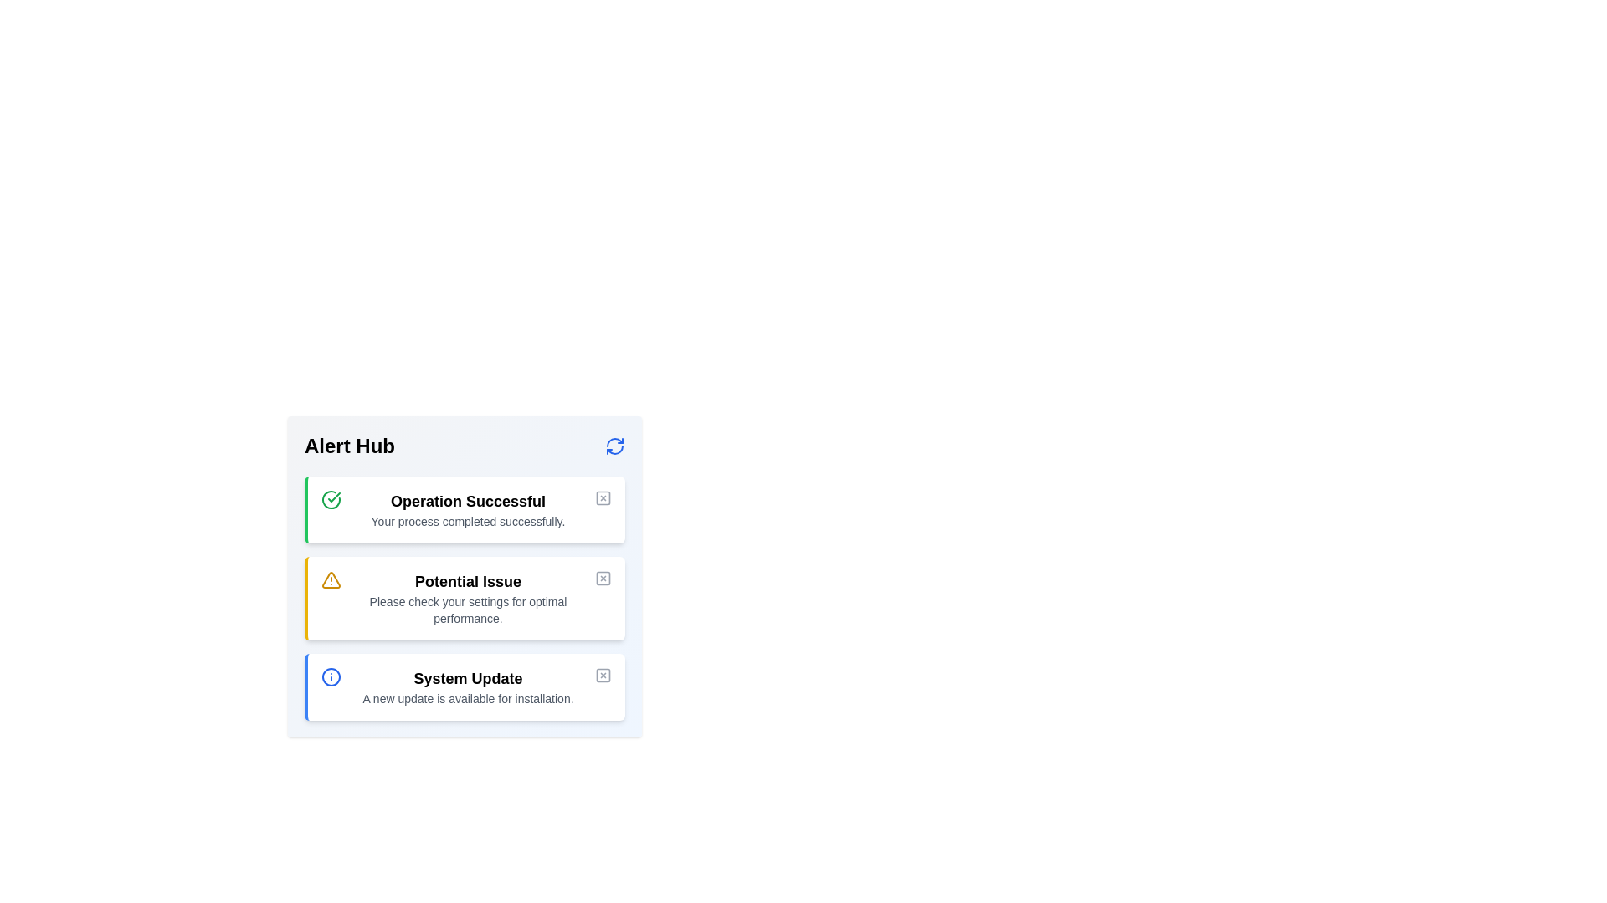 The image size is (1607, 903). I want to click on the circular SVG element located in the top-right corner of the card layout by clicking on it, so click(331, 677).